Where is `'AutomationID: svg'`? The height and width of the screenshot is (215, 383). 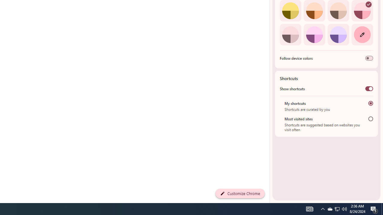 'AutomationID: svg' is located at coordinates (368, 4).